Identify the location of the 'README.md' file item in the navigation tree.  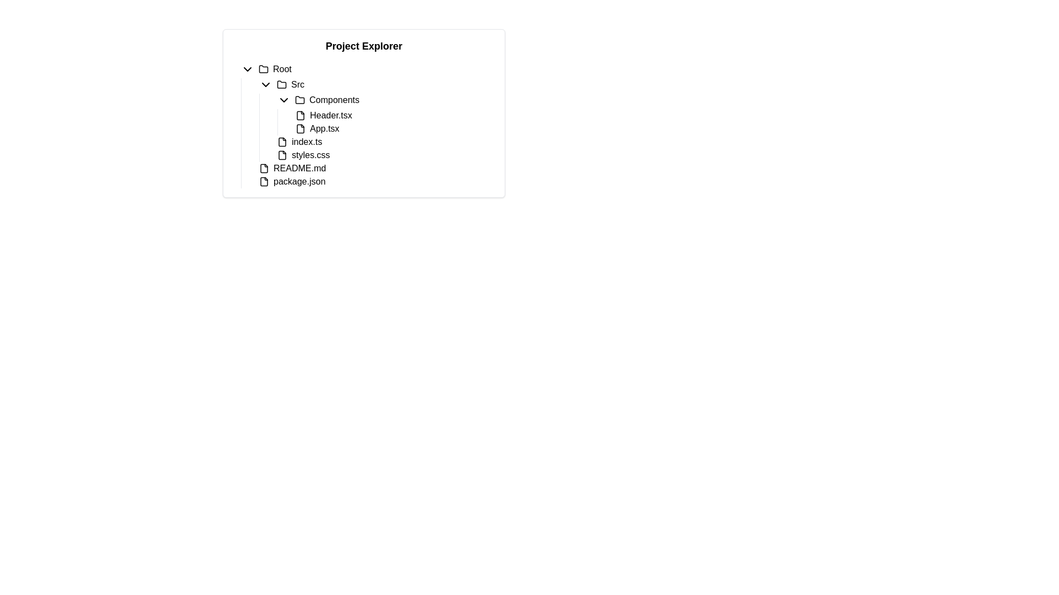
(377, 168).